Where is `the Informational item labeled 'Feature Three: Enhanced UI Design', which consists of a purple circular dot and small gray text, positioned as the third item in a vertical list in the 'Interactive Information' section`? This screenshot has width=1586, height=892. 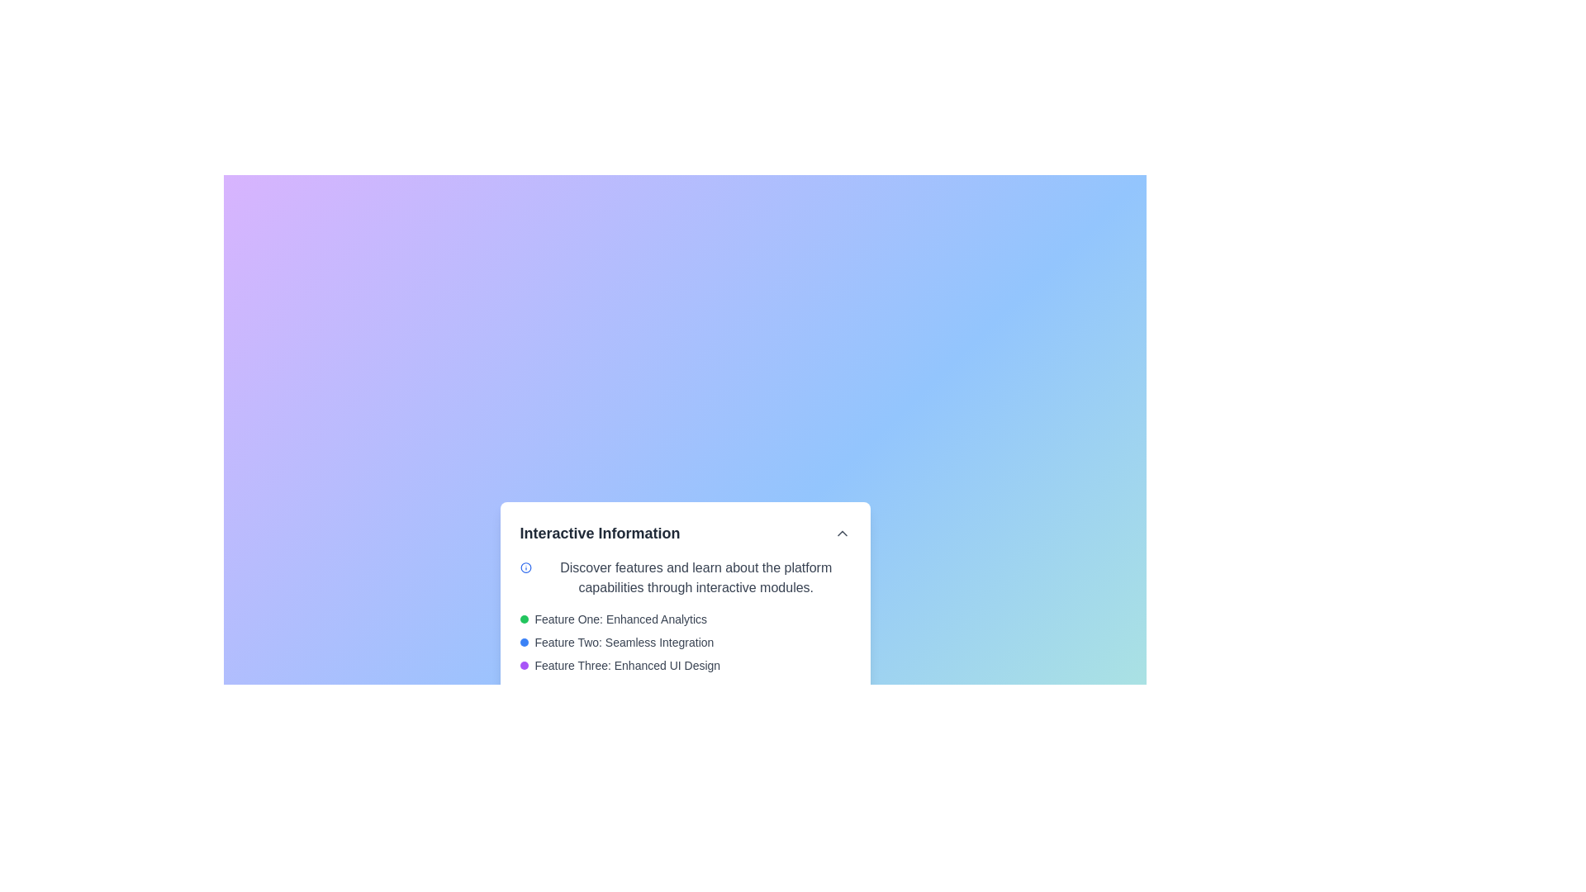 the Informational item labeled 'Feature Three: Enhanced UI Design', which consists of a purple circular dot and small gray text, positioned as the third item in a vertical list in the 'Interactive Information' section is located at coordinates (685, 665).